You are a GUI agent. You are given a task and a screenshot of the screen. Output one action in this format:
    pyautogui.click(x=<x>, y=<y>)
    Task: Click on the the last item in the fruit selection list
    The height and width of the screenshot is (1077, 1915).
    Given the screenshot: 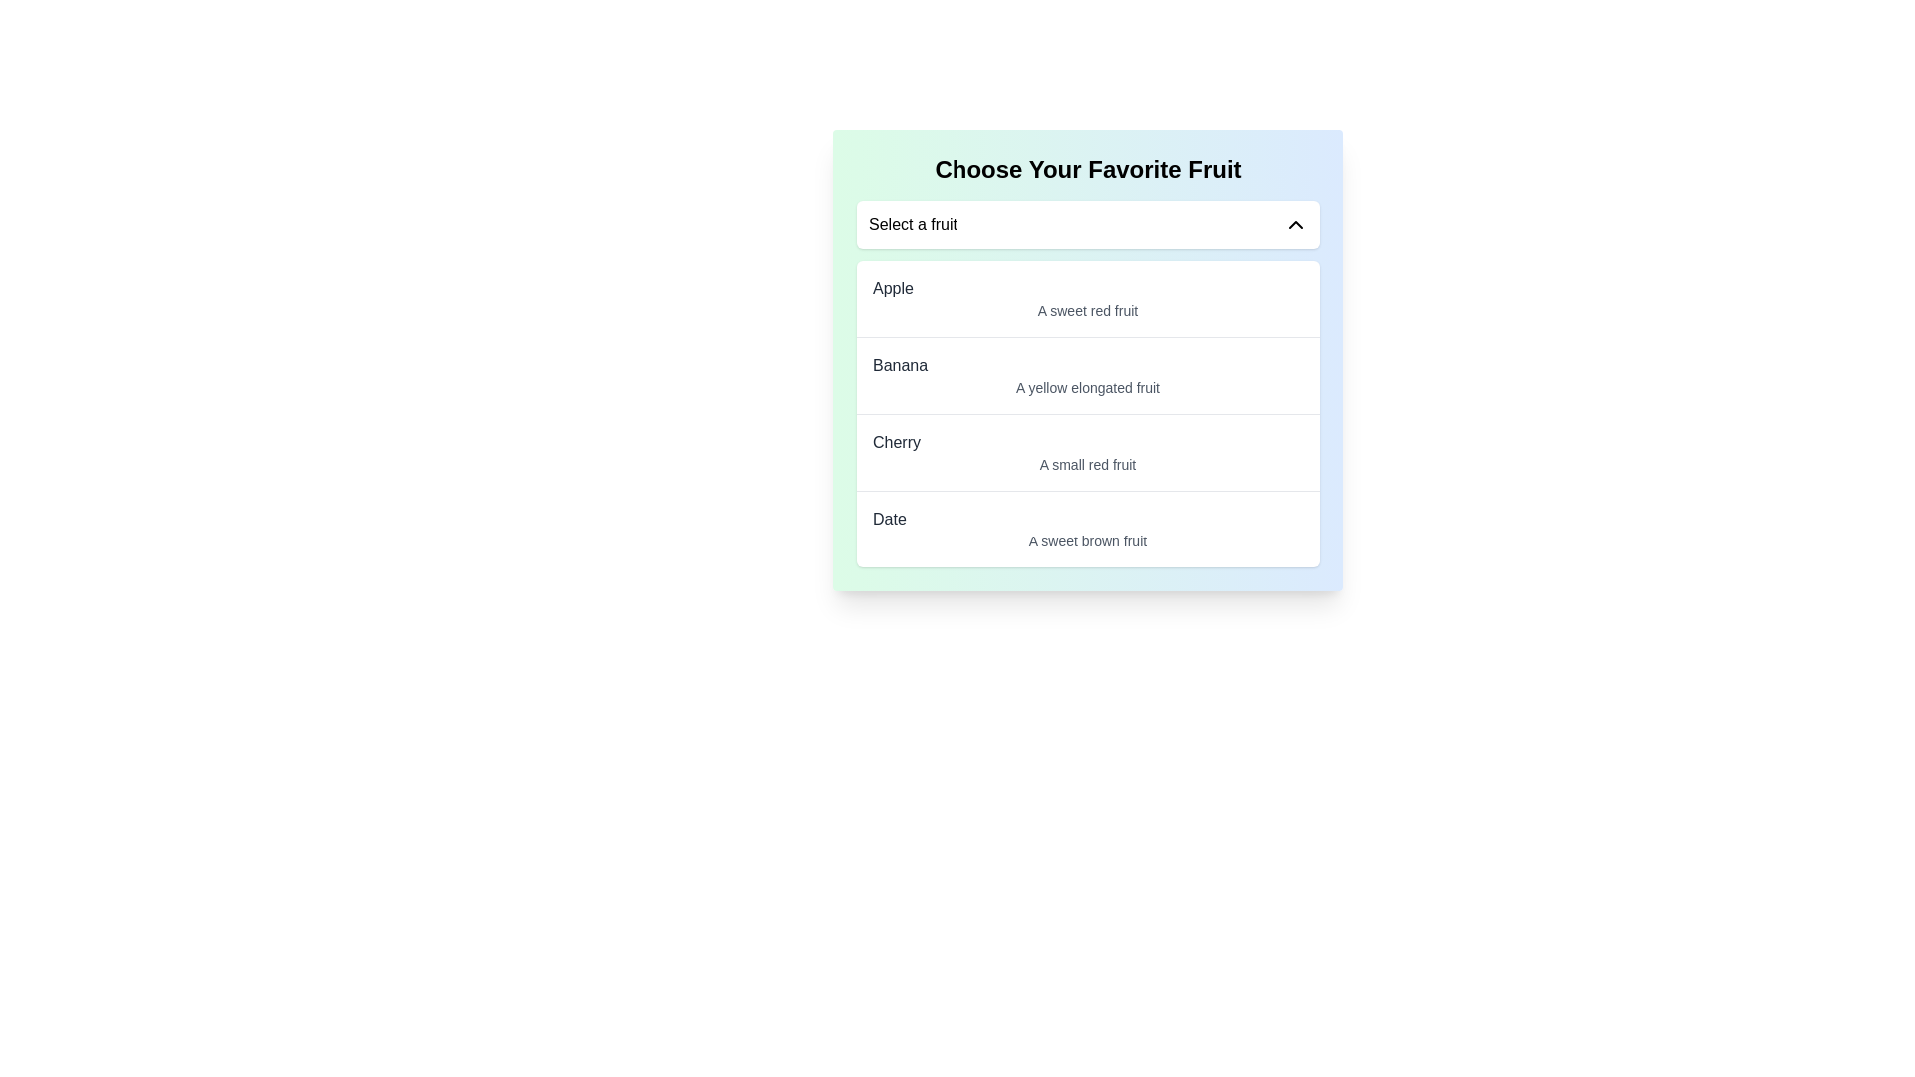 What is the action you would take?
    pyautogui.click(x=1086, y=528)
    